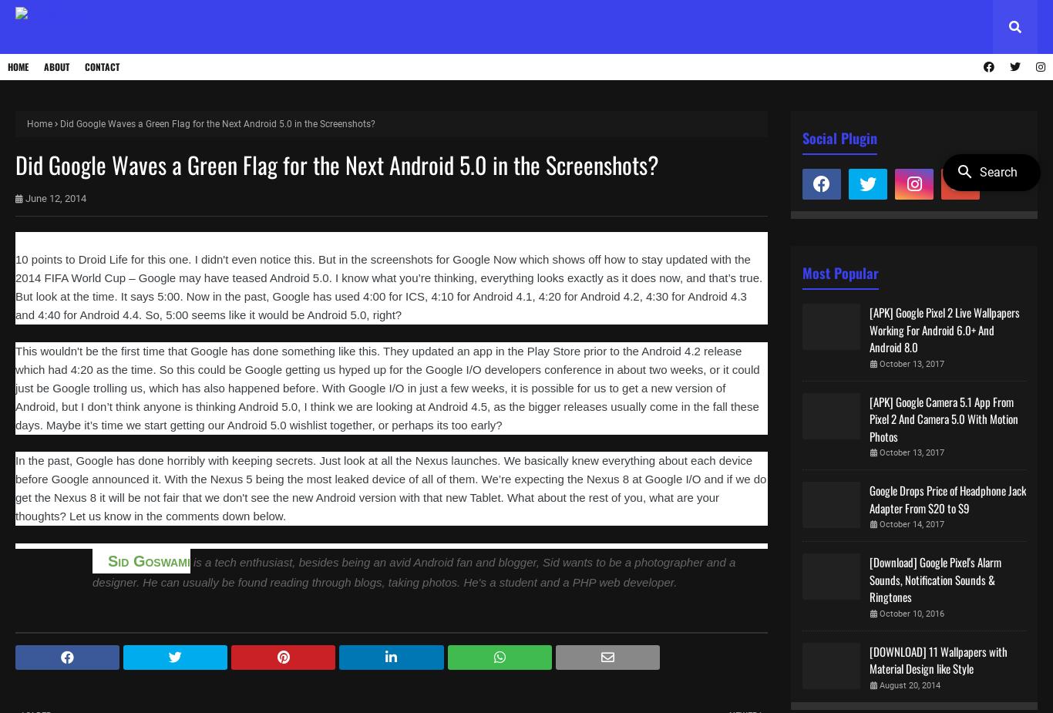 The height and width of the screenshot is (713, 1053). What do you see at coordinates (387, 387) in the screenshot?
I see `'This wouldn't be the first time that Google has done something like this. They updated an app in the Play Store prior to the Android 4.2 release which had 4:20 as the time. So this could be Google getting us hyped up for the Google I/O developers conference in about two weeks, or it could just be Google trolling us, which has also happened before. With Google I/O in just a few weeks, it is possible for us to get a new version of Android, but I don’t think anyone is thinking Android 5.0, I think we are looking at Android 4.5, as the bigger releases usually come in the fall these days. Maybe it’s time we start getting our Android 5.0 wishlist together, or perhaps its too early?'` at bounding box center [387, 387].